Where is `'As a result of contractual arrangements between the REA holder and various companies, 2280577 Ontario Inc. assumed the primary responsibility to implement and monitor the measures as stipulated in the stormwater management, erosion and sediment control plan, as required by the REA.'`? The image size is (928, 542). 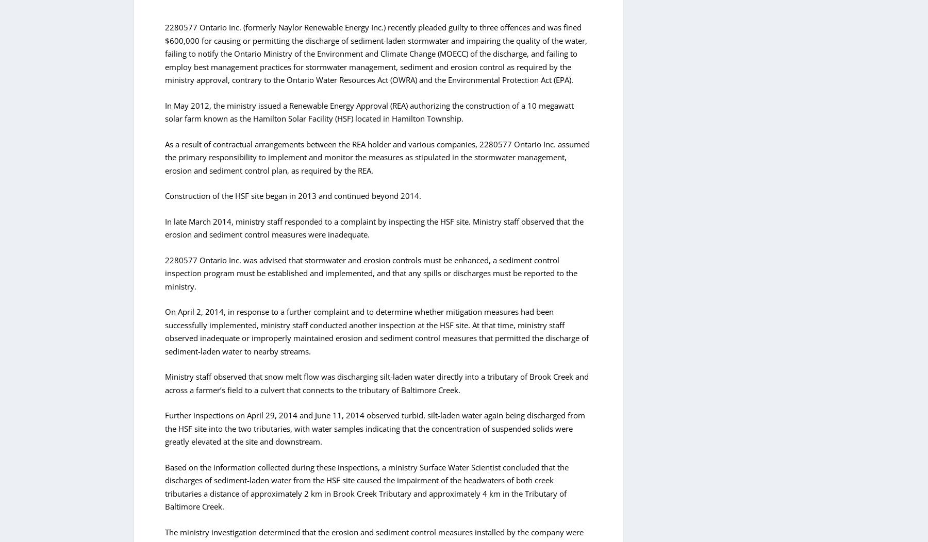 'As a result of contractual arrangements between the REA holder and various companies, 2280577 Ontario Inc. assumed the primary responsibility to implement and monitor the measures as stipulated in the stormwater management, erosion and sediment control plan, as required by the REA.' is located at coordinates (377, 157).